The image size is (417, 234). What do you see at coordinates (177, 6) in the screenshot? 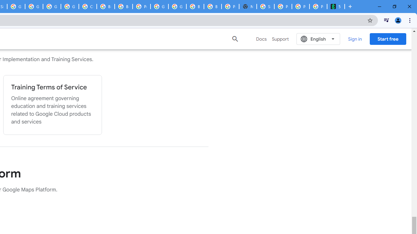
I see `'Google Cloud Platform'` at bounding box center [177, 6].